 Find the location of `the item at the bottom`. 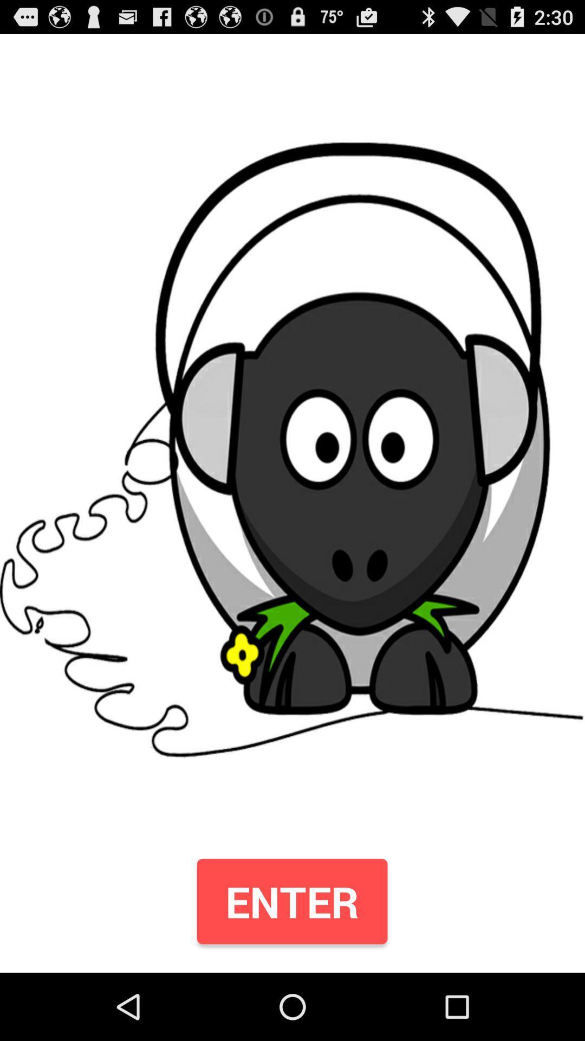

the item at the bottom is located at coordinates (291, 901).